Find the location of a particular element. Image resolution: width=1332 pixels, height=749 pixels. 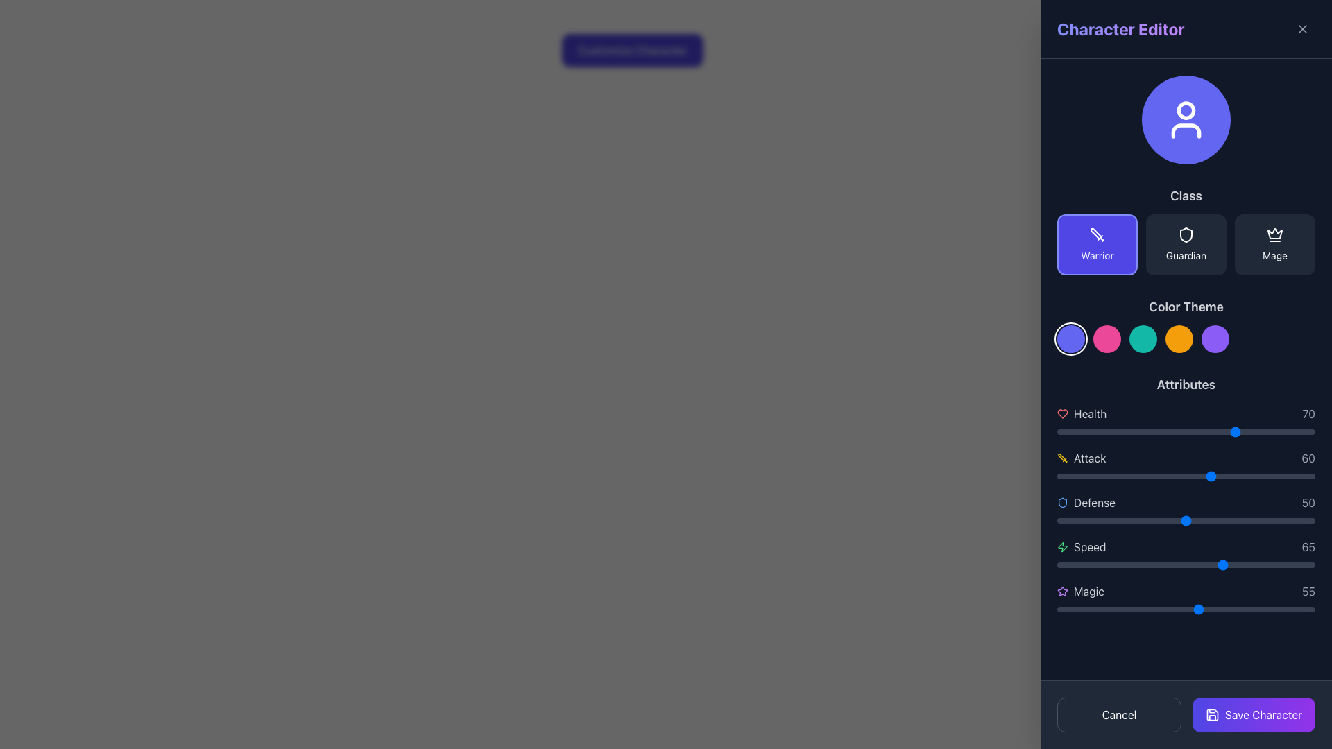

the 'Magic' attribute label with icon in the Character Editor interface, which is the last item in the attributes list is located at coordinates (1079, 591).